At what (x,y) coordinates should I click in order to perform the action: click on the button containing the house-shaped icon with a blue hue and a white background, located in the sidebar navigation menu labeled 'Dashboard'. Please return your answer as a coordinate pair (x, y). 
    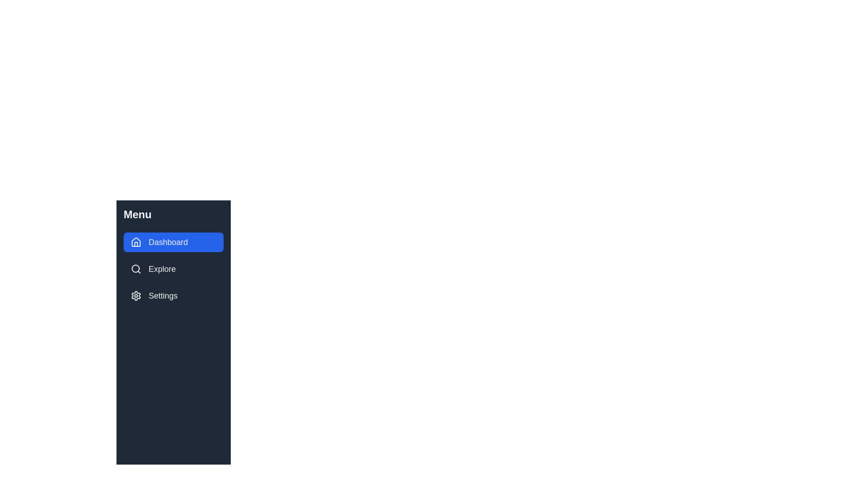
    Looking at the image, I should click on (136, 242).